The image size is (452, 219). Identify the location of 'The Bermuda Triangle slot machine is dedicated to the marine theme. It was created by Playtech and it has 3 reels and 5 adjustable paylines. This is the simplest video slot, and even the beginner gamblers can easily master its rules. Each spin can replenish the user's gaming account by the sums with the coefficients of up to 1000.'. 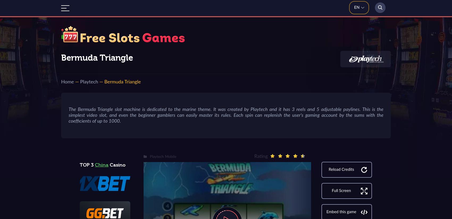
(226, 115).